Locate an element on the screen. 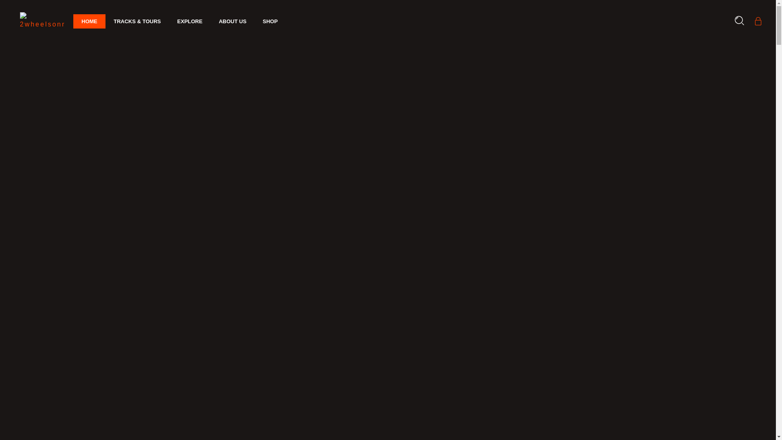 Image resolution: width=782 pixels, height=440 pixels. 'EXPLORE' is located at coordinates (189, 21).